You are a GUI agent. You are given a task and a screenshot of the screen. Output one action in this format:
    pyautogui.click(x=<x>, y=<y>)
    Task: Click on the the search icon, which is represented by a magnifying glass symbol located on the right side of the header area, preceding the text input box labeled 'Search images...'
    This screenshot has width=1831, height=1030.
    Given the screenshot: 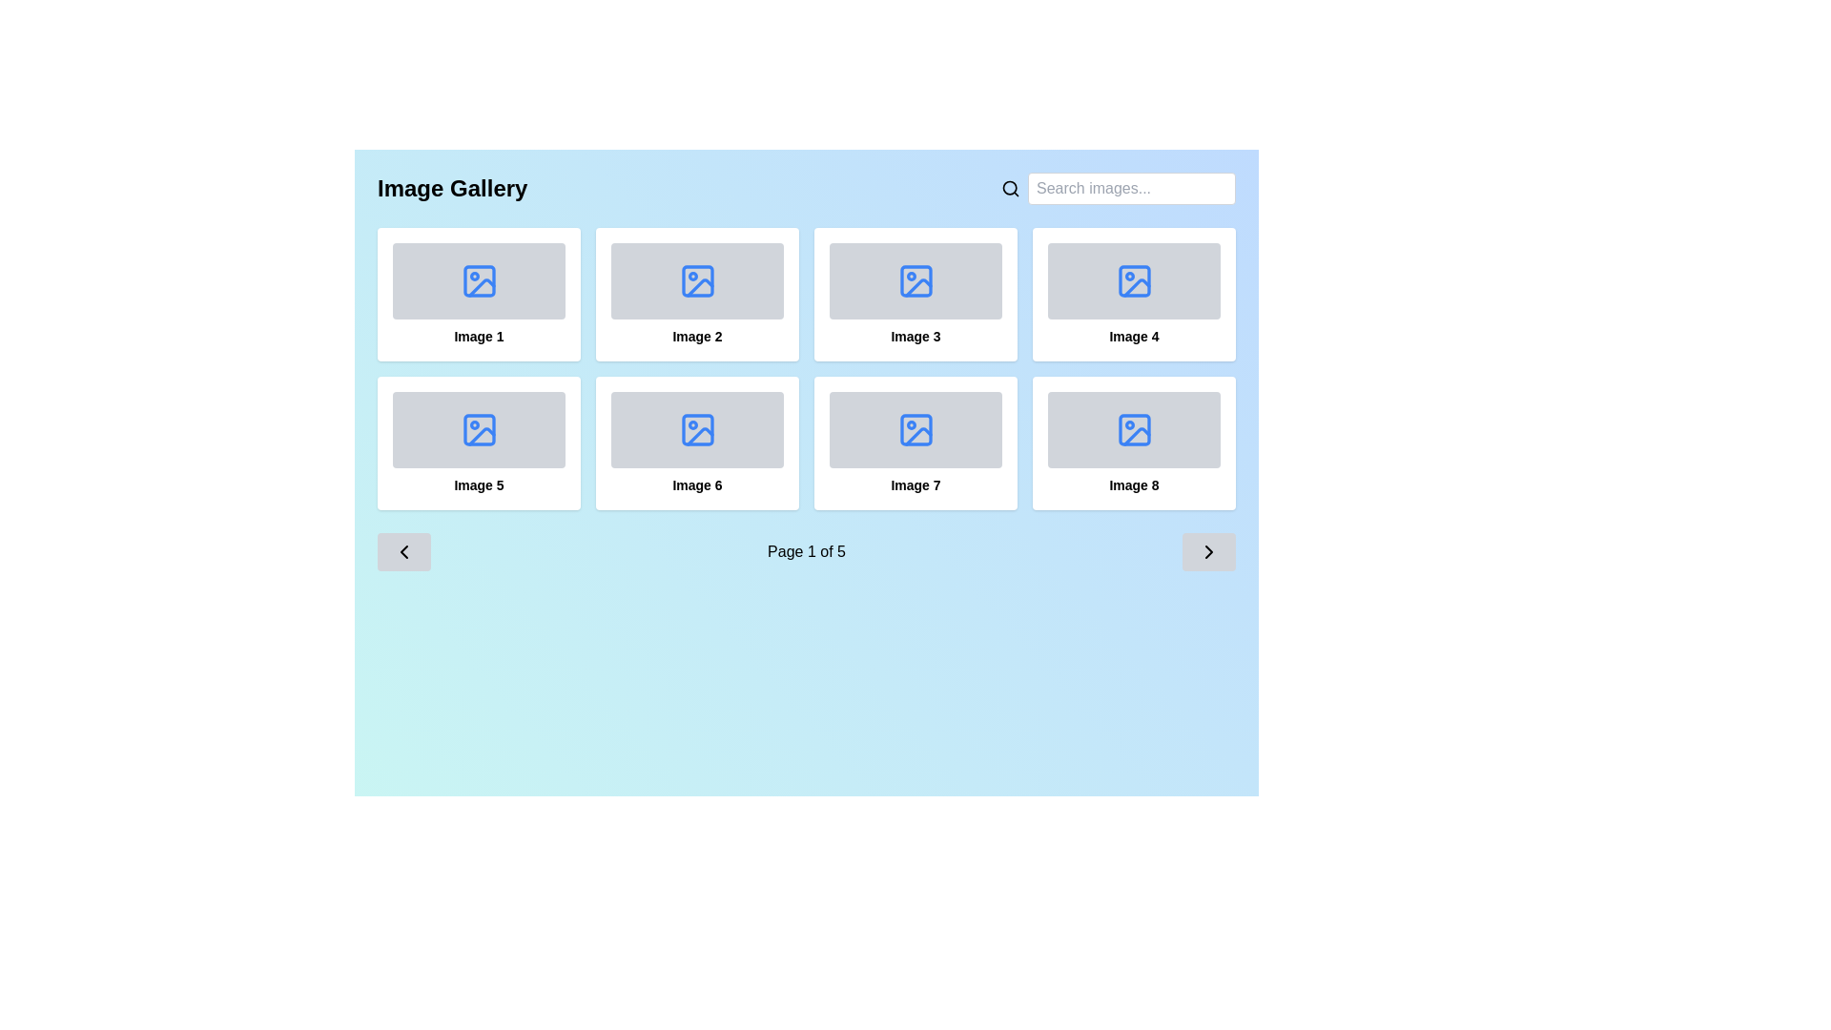 What is the action you would take?
    pyautogui.click(x=1010, y=188)
    